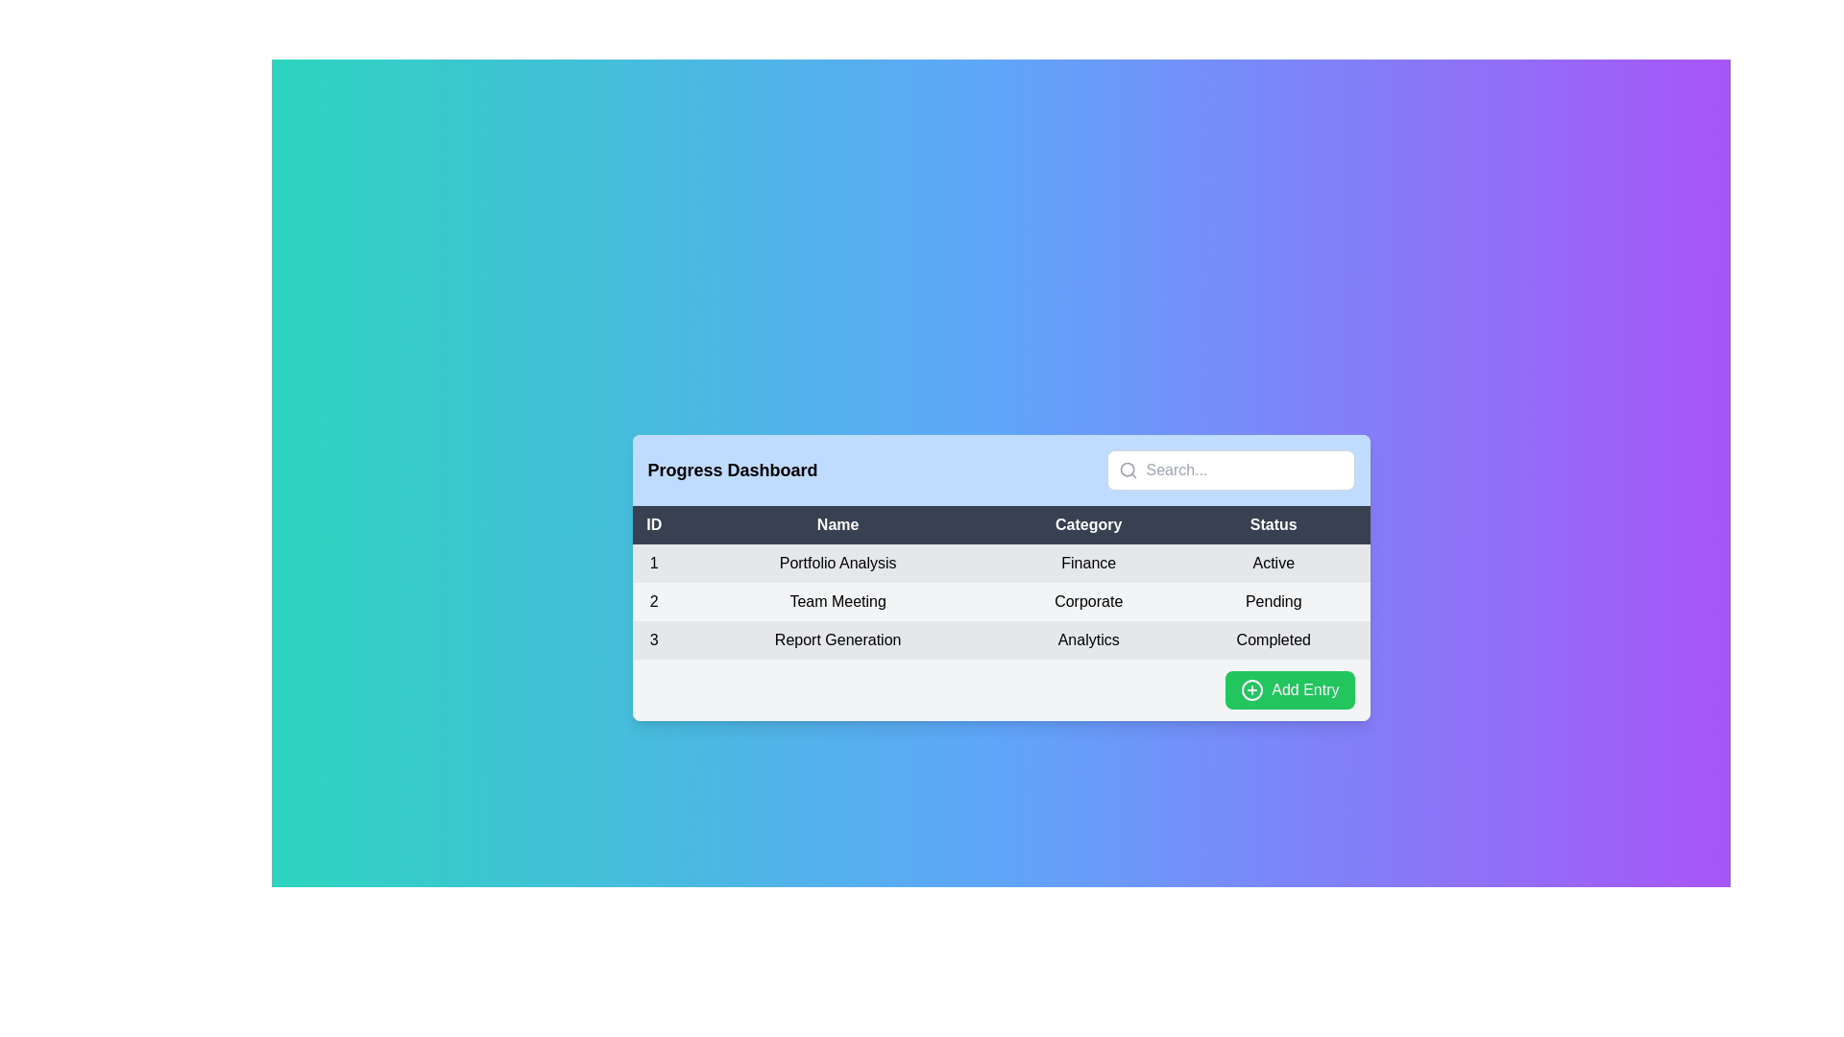 The height and width of the screenshot is (1037, 1844). What do you see at coordinates (837, 601) in the screenshot?
I see `the 'Team Meeting' text label located in the second row of the table under the 'Name' column, which is positioned between the 'ID' and 'Category' cells` at bounding box center [837, 601].